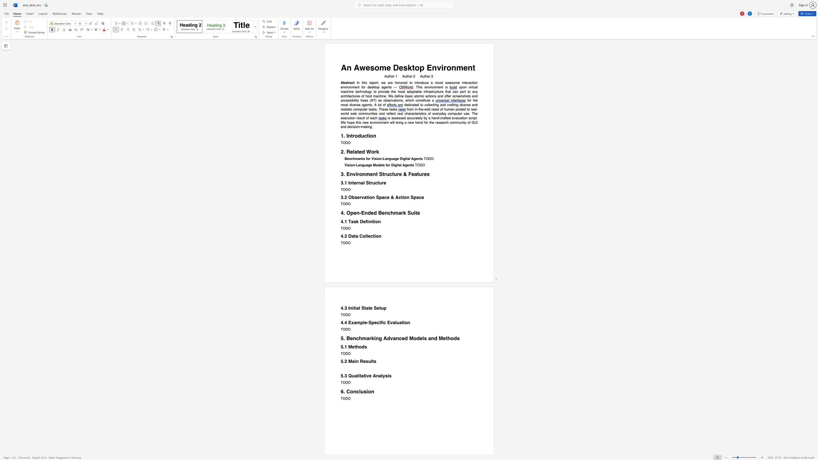 The image size is (818, 460). Describe the element at coordinates (362, 308) in the screenshot. I see `the 1th character "S" in the text` at that location.